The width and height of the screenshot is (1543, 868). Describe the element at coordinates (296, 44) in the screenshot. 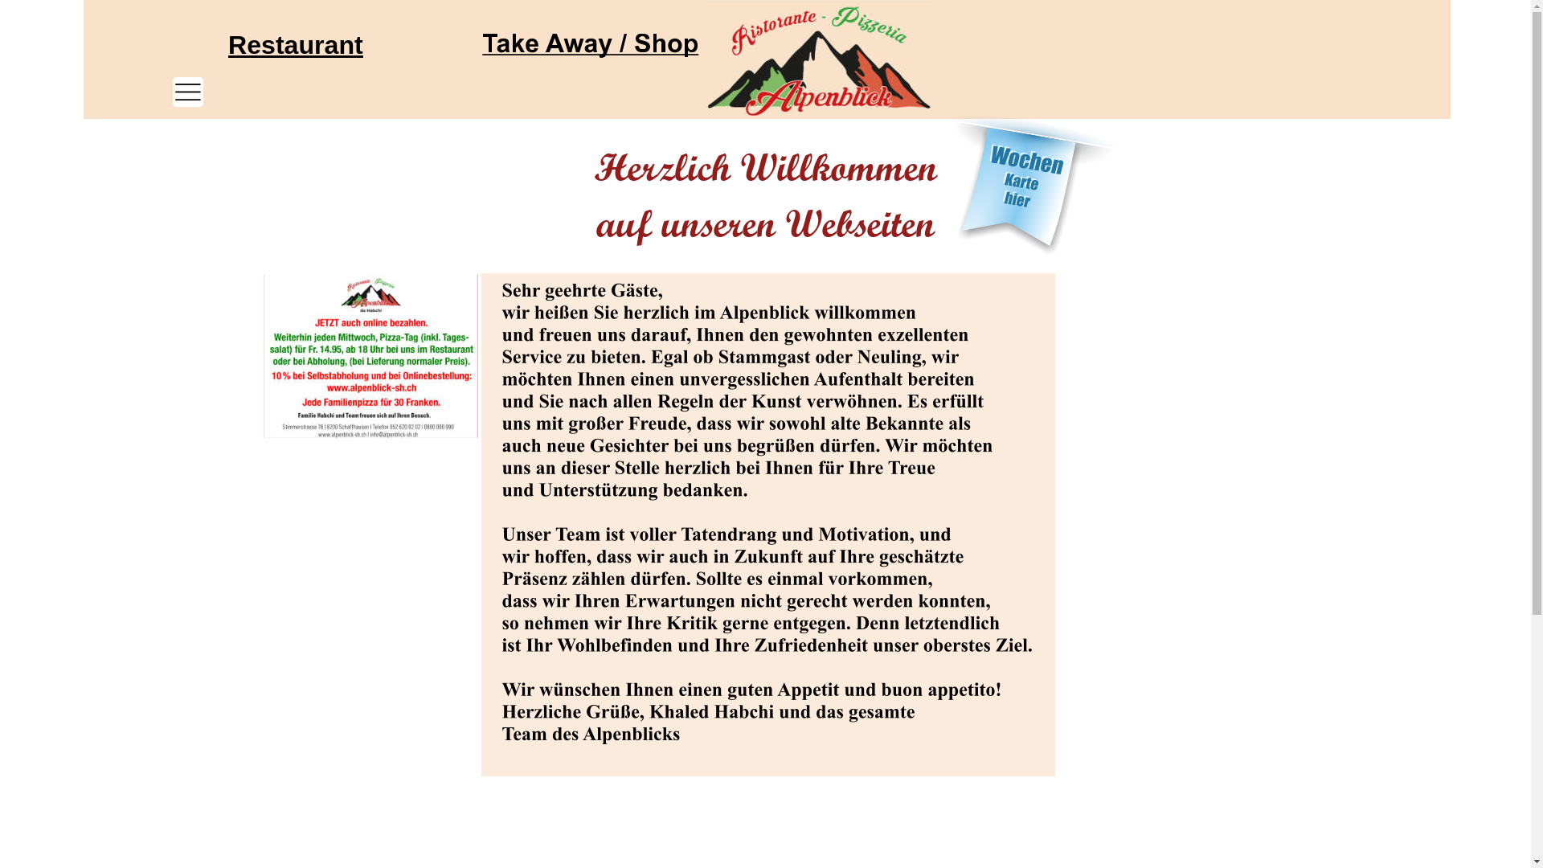

I see `'Restaurant'` at that location.